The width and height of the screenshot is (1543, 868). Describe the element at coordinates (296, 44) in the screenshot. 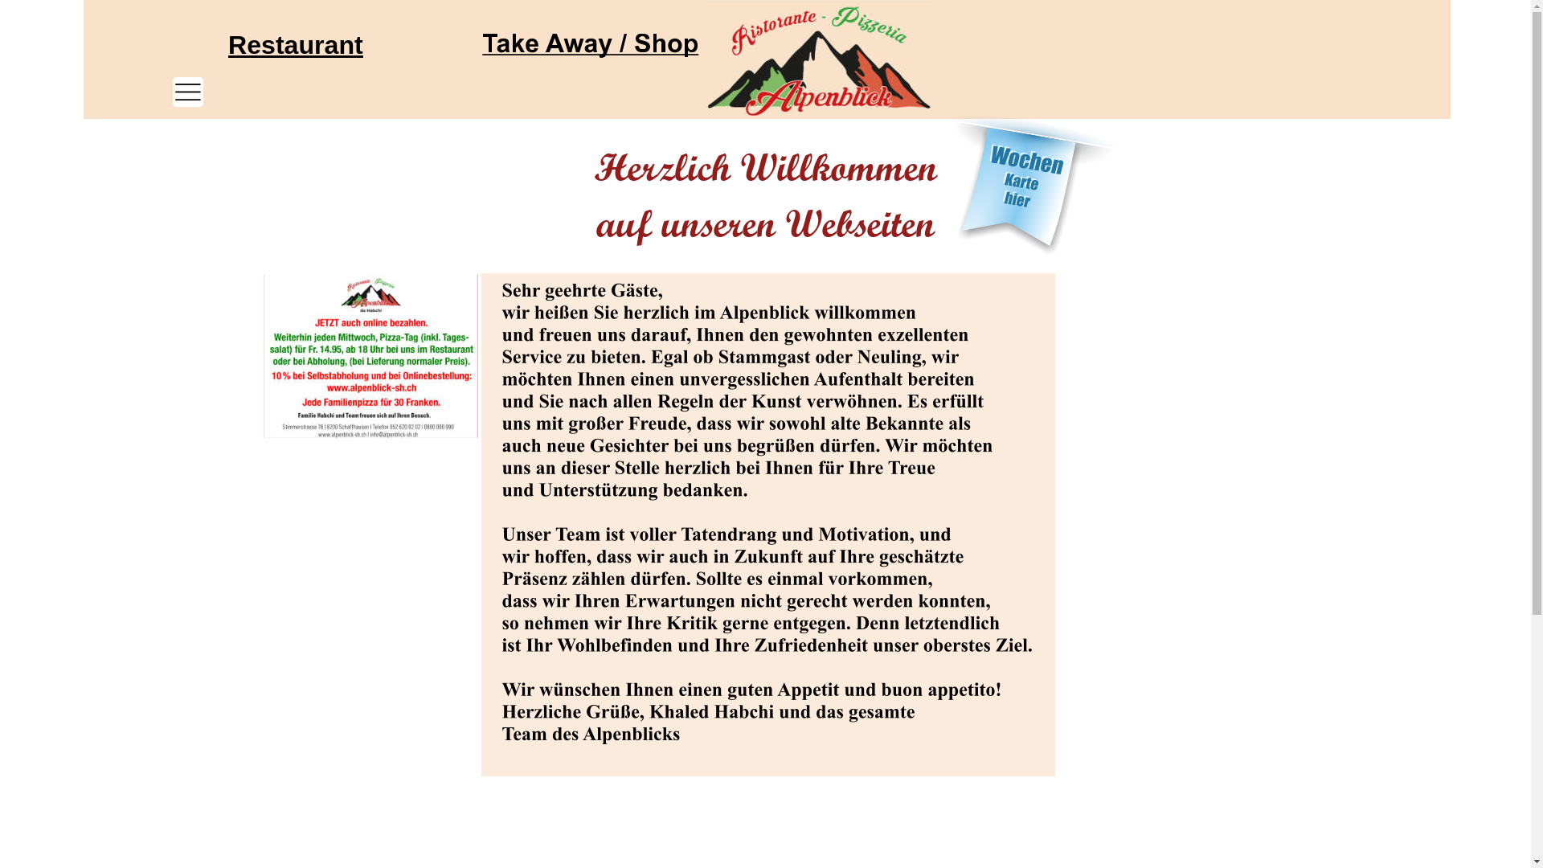

I see `'Restaurant'` at that location.